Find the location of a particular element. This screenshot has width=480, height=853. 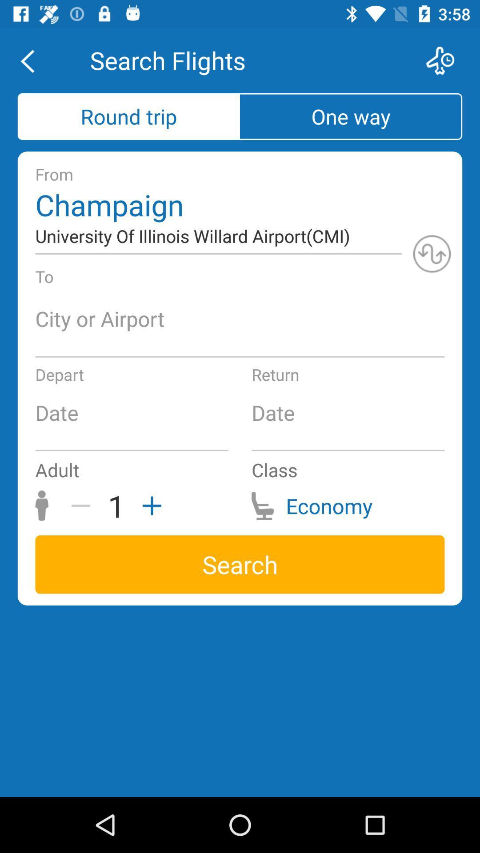

adding is located at coordinates (148, 506).